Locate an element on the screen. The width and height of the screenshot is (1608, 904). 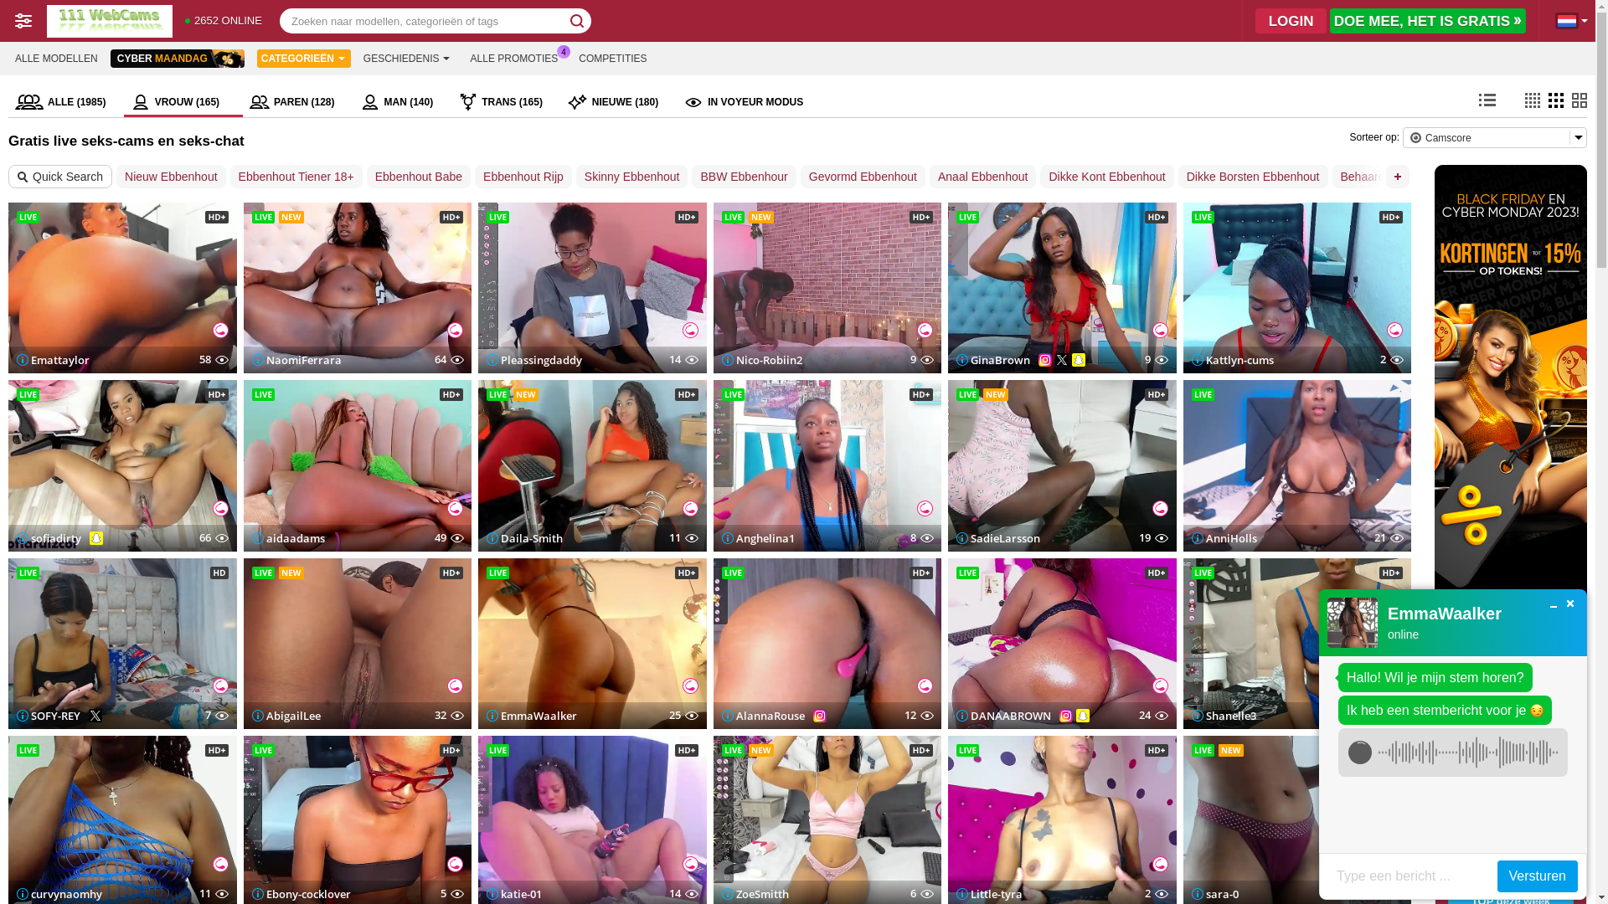
'VROUW (165)' is located at coordinates (123, 102).